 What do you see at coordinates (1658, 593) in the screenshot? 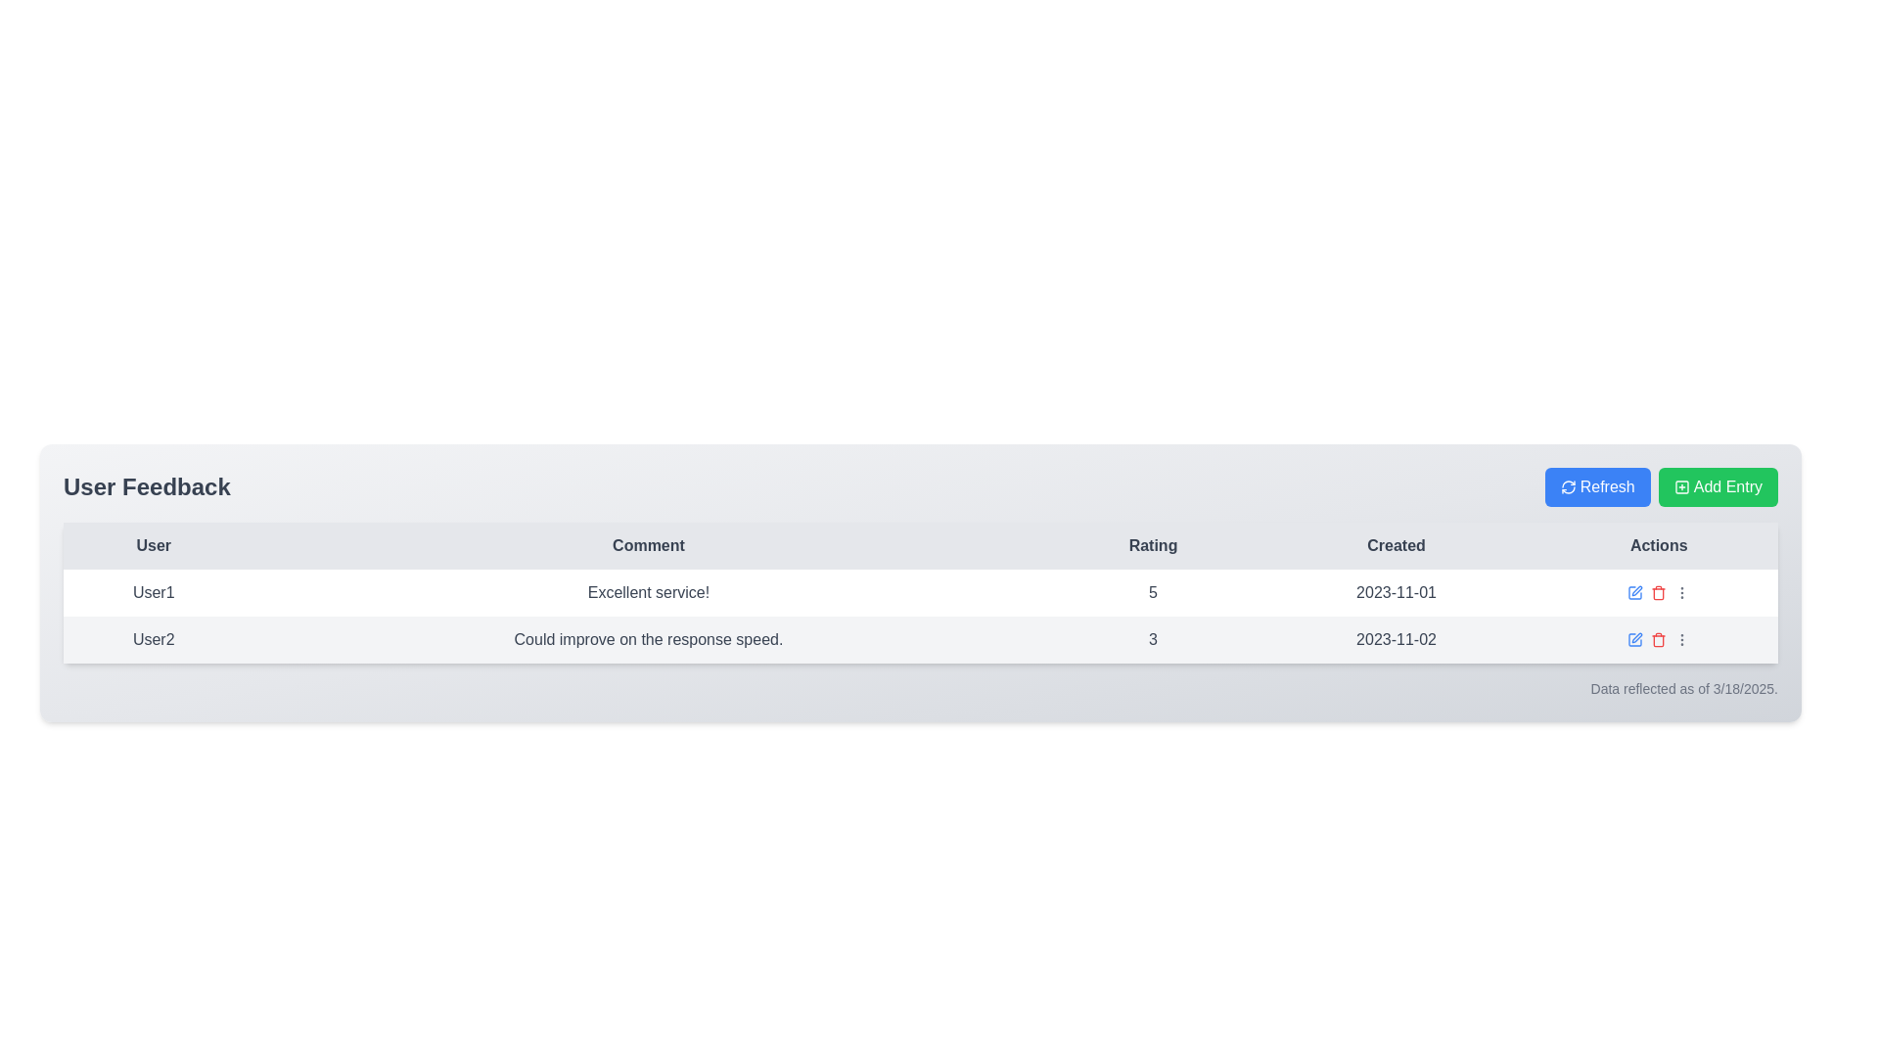
I see `the vertically elongated part of the trash icon located in the 'Actions' column of the second row of the feedback table` at bounding box center [1658, 593].